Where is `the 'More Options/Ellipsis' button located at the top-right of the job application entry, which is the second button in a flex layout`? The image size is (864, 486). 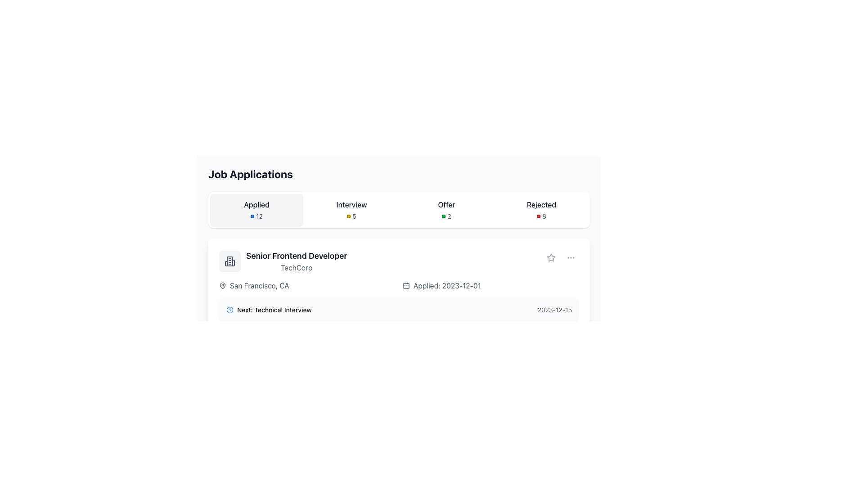
the 'More Options/Ellipsis' button located at the top-right of the job application entry, which is the second button in a flex layout is located at coordinates (570, 258).